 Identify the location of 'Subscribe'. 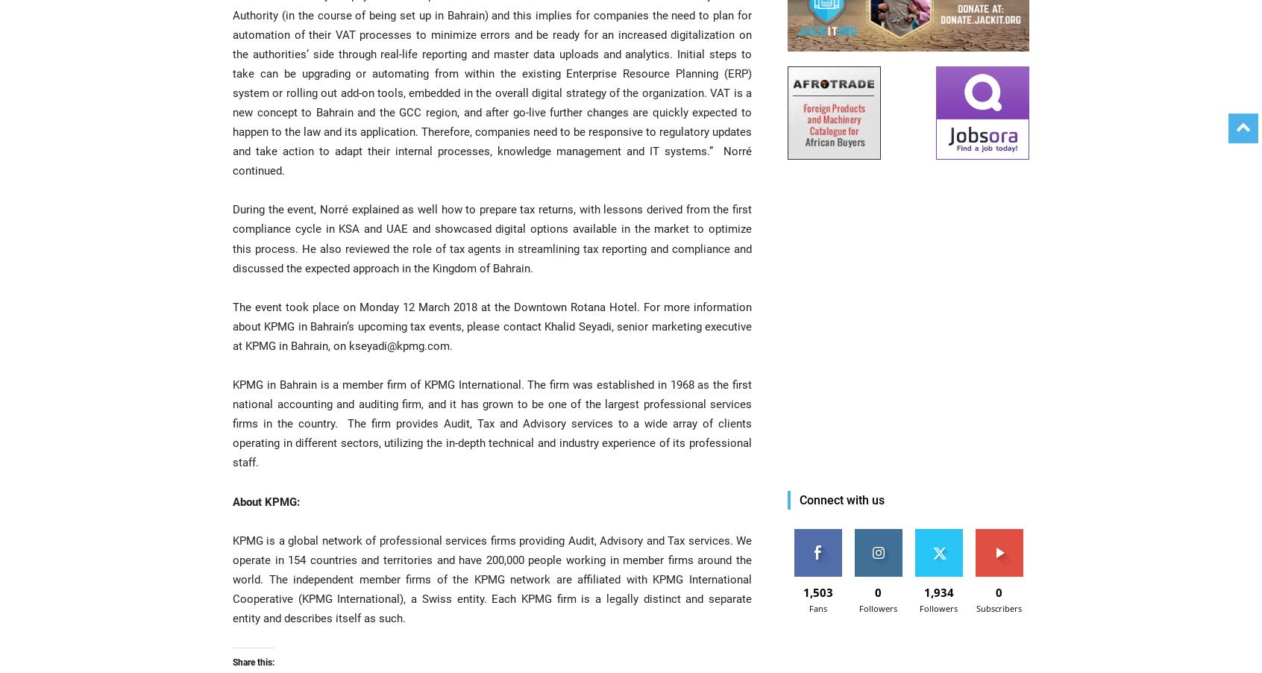
(998, 534).